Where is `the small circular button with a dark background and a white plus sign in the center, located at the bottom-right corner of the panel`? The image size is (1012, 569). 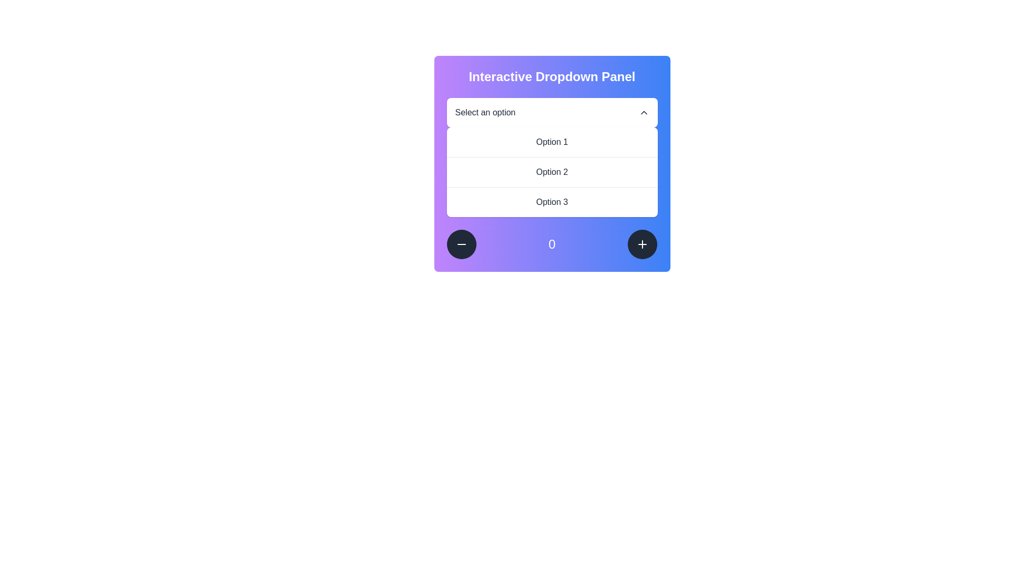
the small circular button with a dark background and a white plus sign in the center, located at the bottom-right corner of the panel is located at coordinates (642, 244).